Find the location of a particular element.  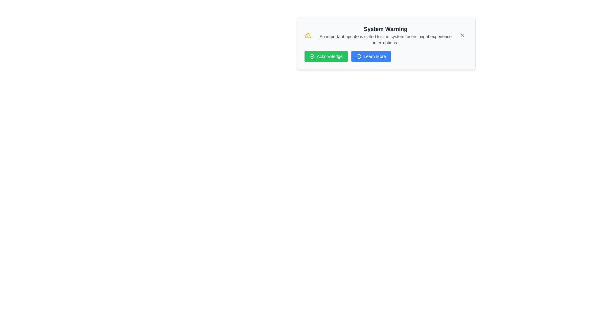

the green 'Acknowledge' button with a white checkmark icon to observe its hover effect is located at coordinates (326, 56).